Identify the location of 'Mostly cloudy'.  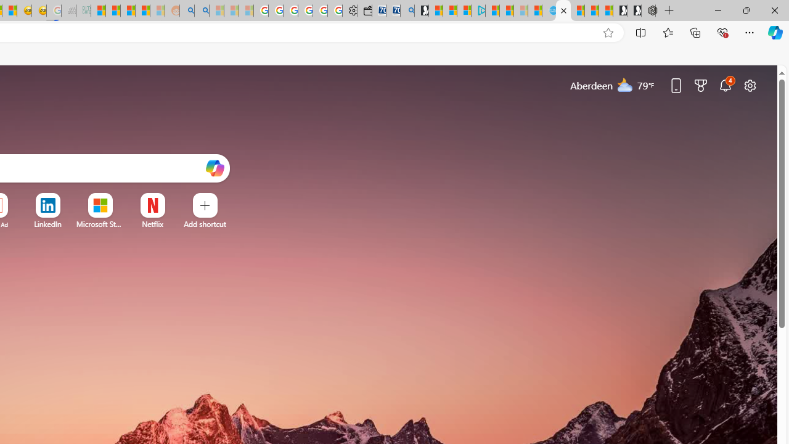
(625, 84).